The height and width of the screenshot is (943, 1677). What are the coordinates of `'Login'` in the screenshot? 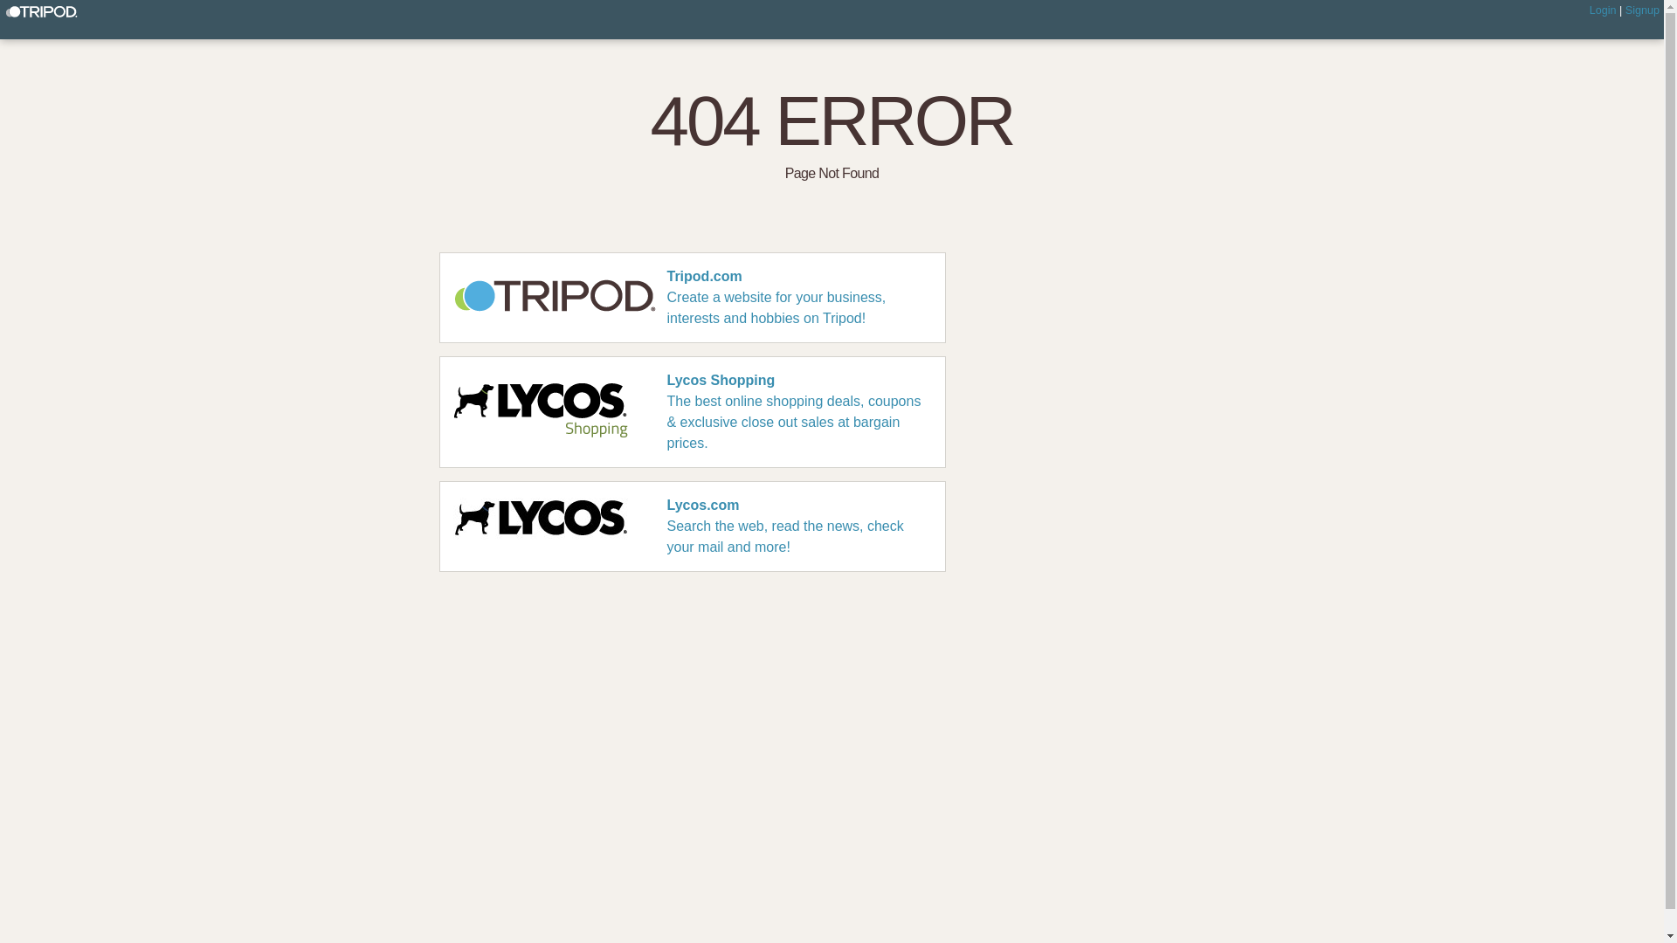 It's located at (1603, 10).